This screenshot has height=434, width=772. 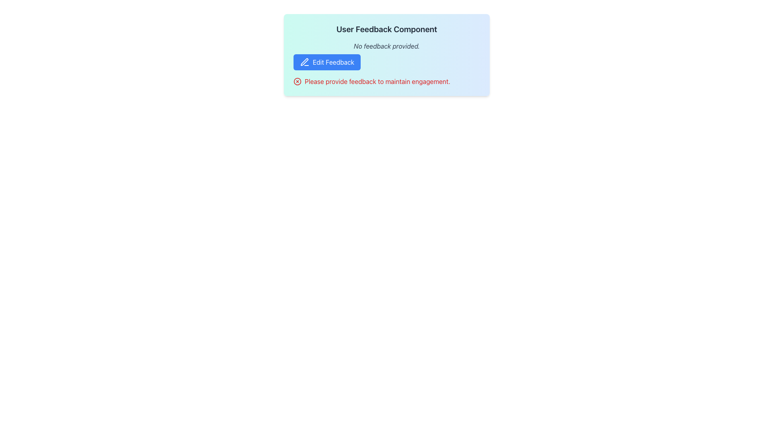 I want to click on the prominently styled red text stating 'Please provide feedback to maintain engagement.' which is located in the bottom part of the panel to the right of a circular icon with a cross, so click(x=377, y=82).